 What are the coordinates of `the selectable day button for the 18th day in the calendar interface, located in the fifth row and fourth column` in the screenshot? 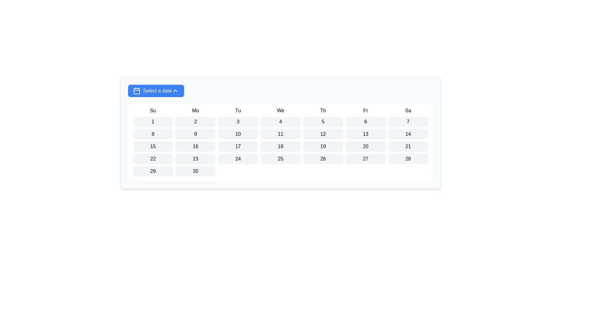 It's located at (280, 147).